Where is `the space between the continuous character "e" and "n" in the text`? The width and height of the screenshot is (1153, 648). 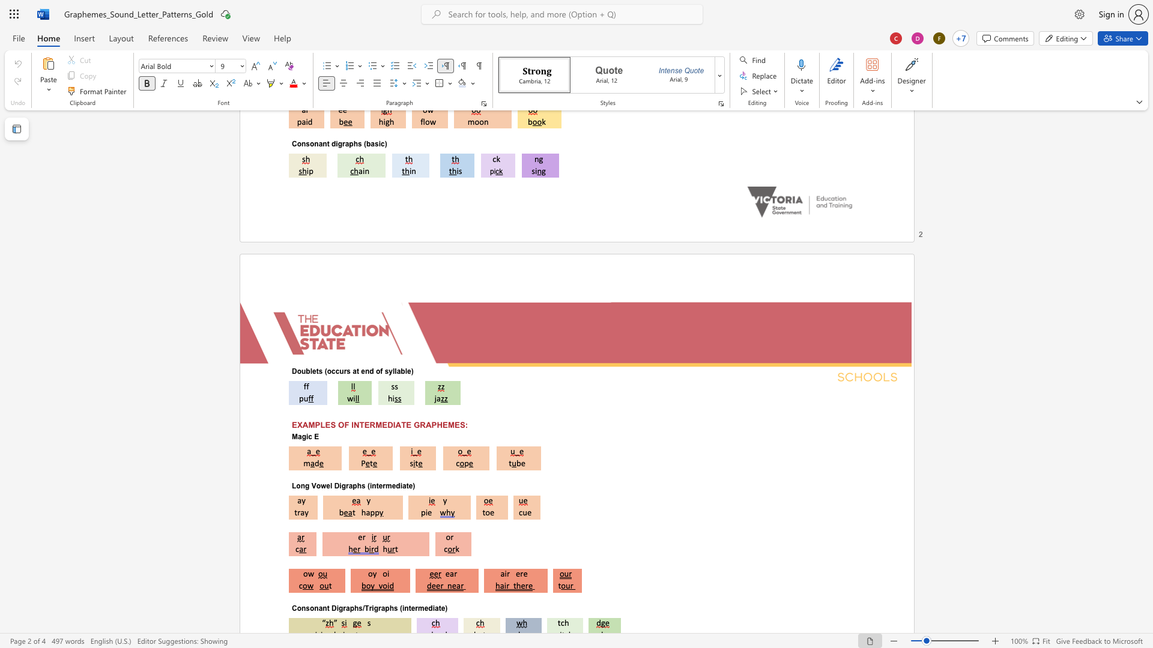 the space between the continuous character "e" and "n" in the text is located at coordinates (365, 370).